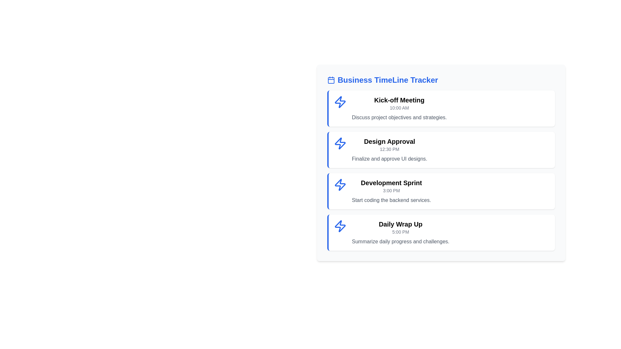  I want to click on the text element that reads 'Discuss project objectives and strategies', which is styled in gray and positioned beneath the heading 'Kick-off Meeting' and the time '10:00 AM', so click(399, 117).